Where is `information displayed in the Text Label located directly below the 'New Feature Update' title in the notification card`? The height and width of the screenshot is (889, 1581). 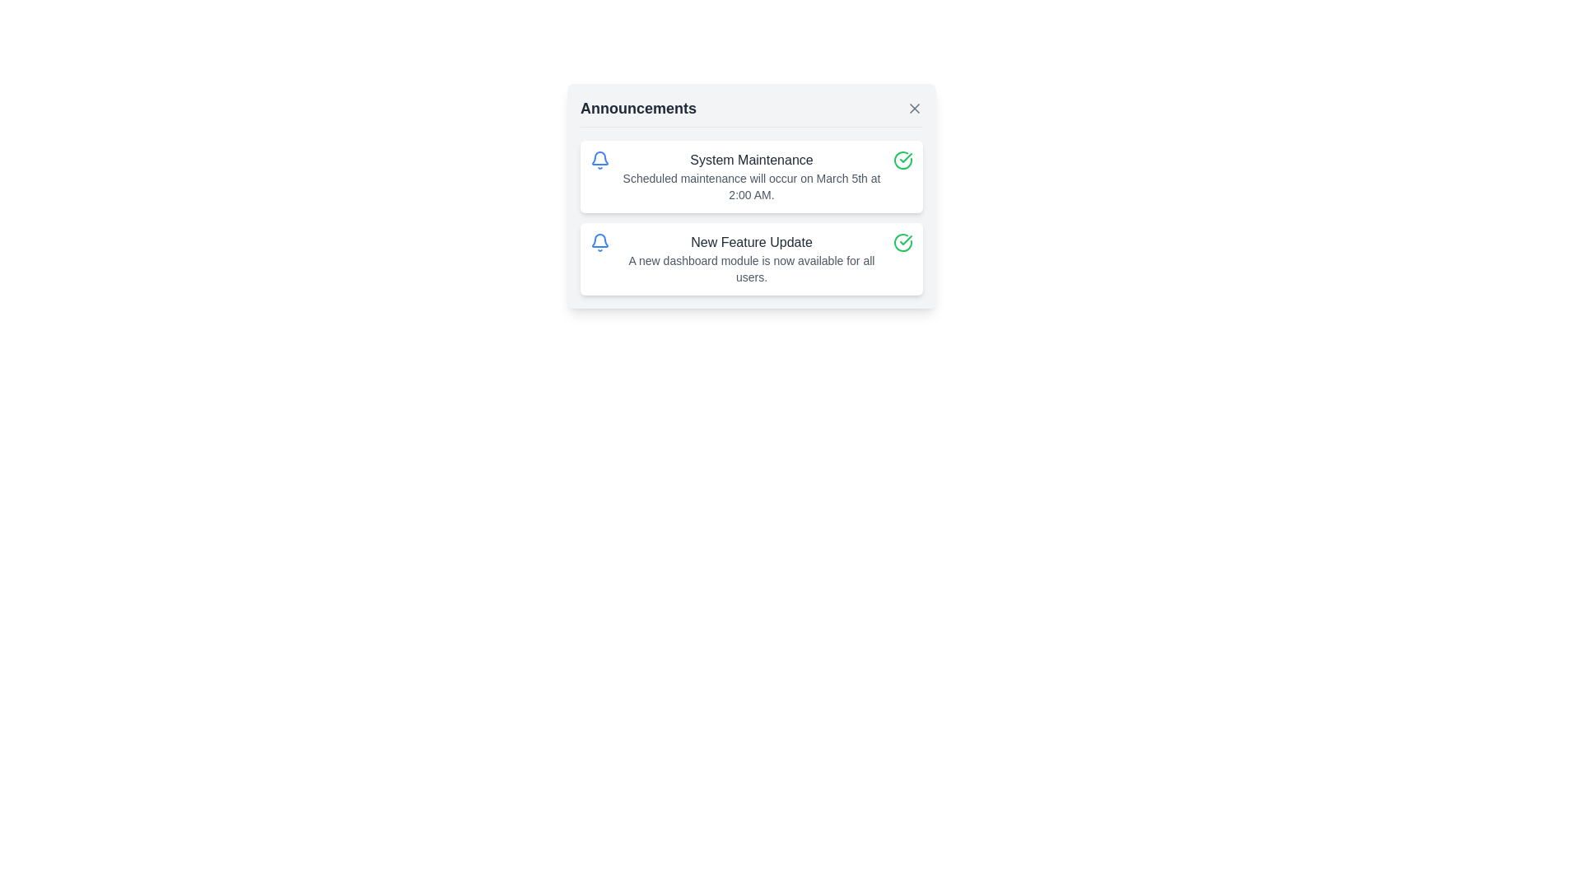
information displayed in the Text Label located directly below the 'New Feature Update' title in the notification card is located at coordinates (750, 268).